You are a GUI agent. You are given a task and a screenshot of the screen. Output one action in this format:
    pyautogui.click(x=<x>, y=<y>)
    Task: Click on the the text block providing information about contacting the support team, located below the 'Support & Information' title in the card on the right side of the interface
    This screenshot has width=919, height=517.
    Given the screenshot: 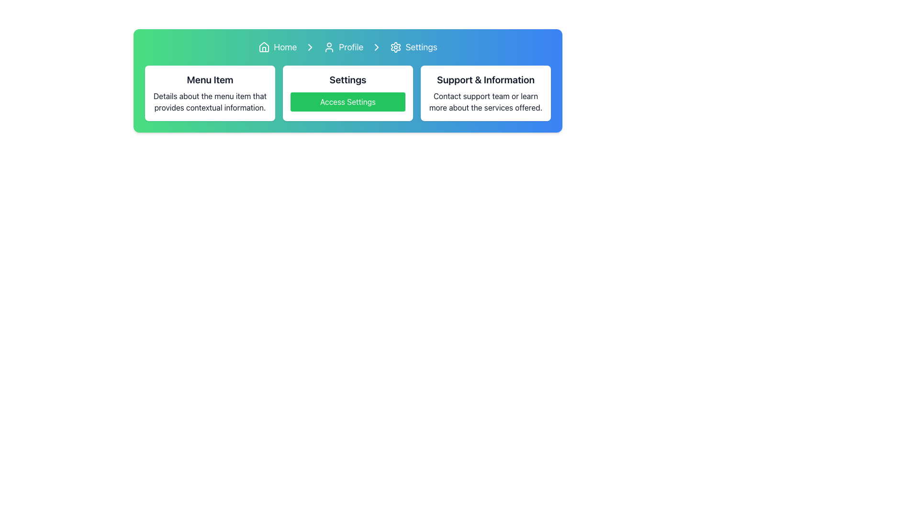 What is the action you would take?
    pyautogui.click(x=485, y=101)
    